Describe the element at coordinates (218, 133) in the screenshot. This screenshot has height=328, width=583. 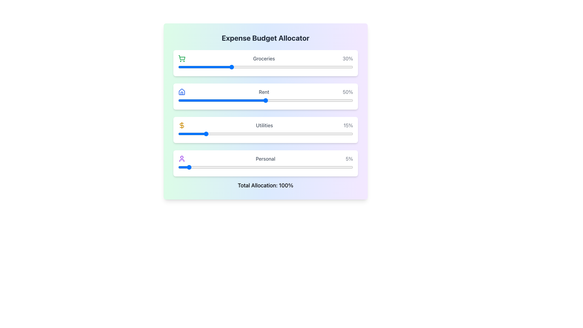
I see `utilities allocation` at that location.